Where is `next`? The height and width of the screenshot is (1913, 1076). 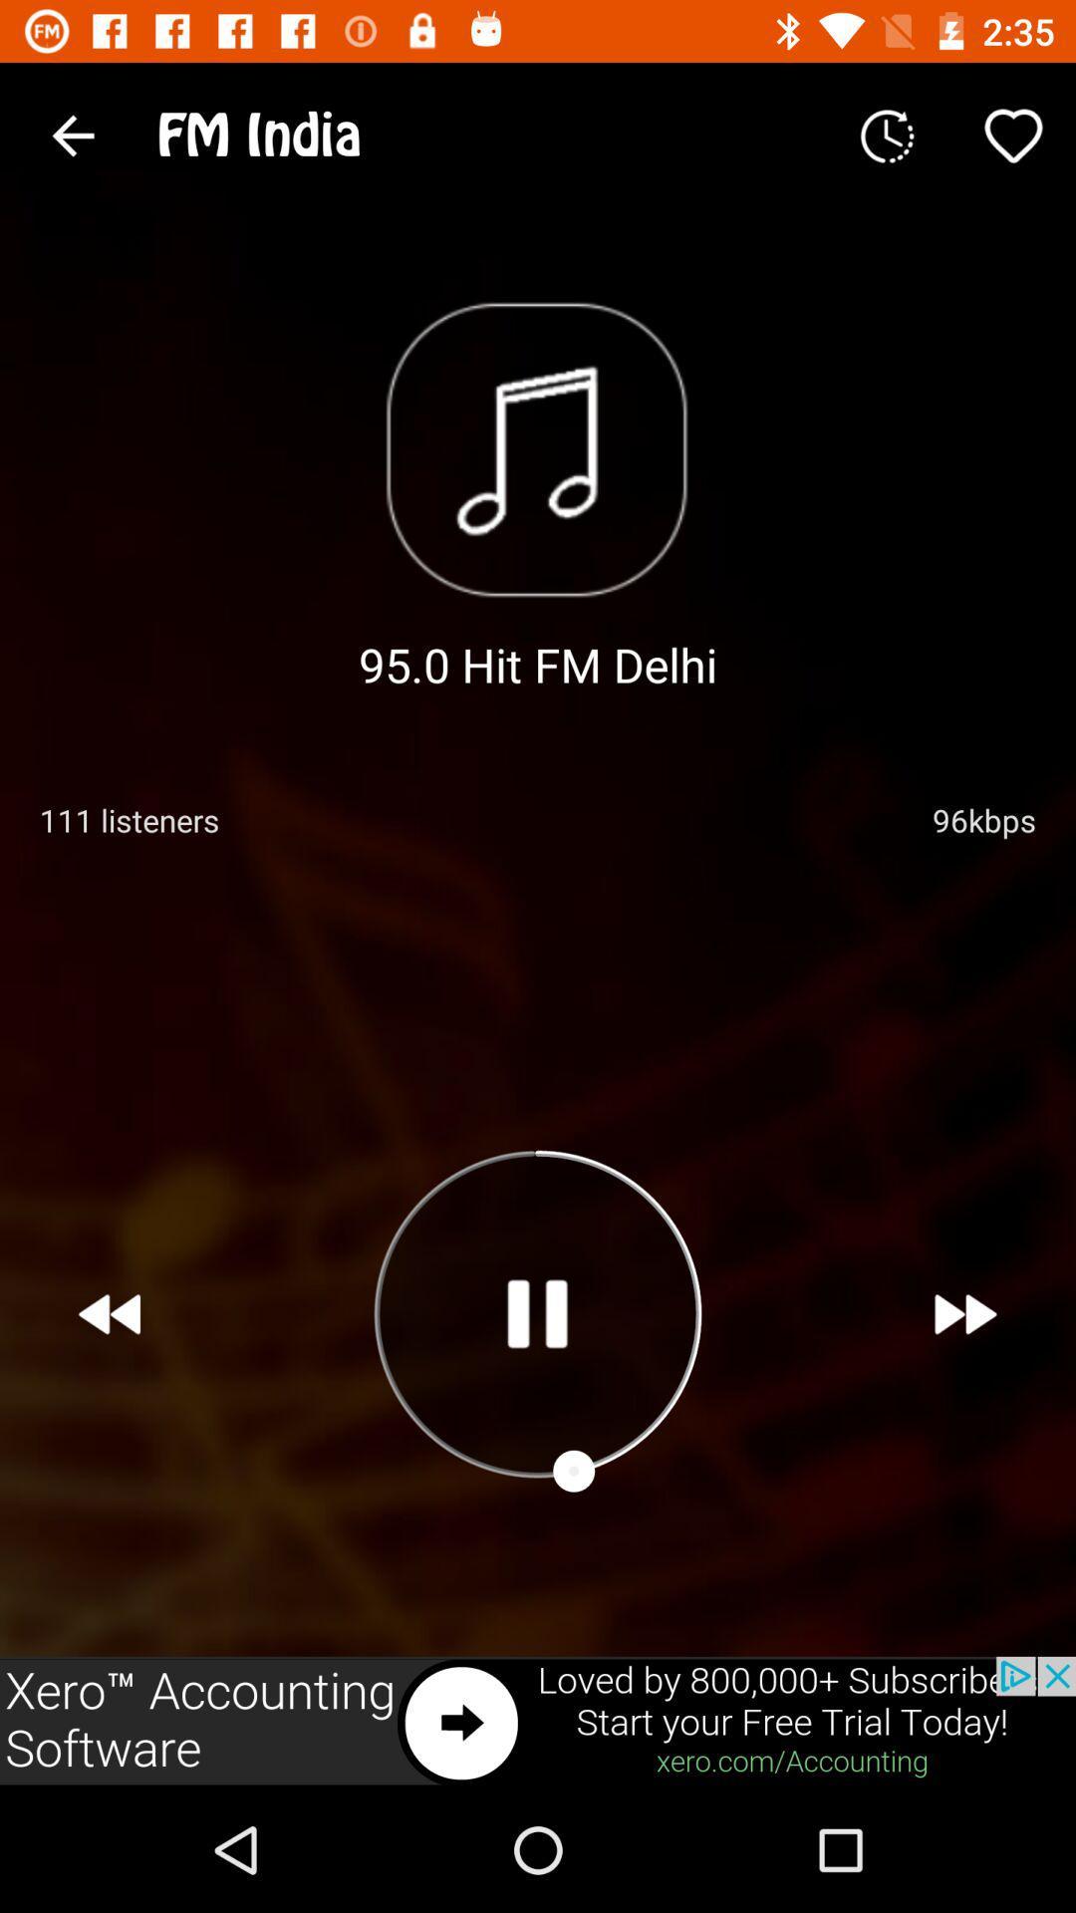
next is located at coordinates (964, 1314).